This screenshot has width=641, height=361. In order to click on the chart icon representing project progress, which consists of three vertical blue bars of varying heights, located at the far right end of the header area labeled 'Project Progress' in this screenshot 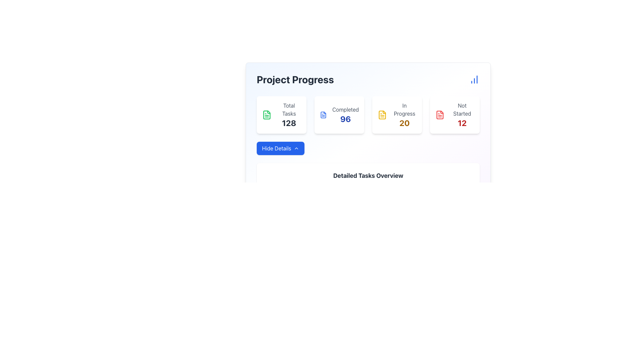, I will do `click(474, 79)`.